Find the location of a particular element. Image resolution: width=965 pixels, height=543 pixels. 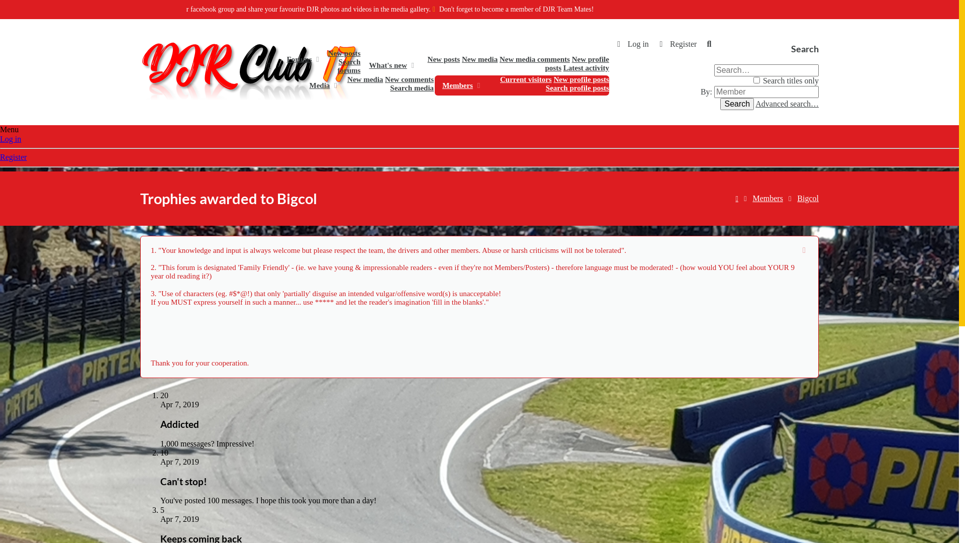

'New media comments' is located at coordinates (534, 59).